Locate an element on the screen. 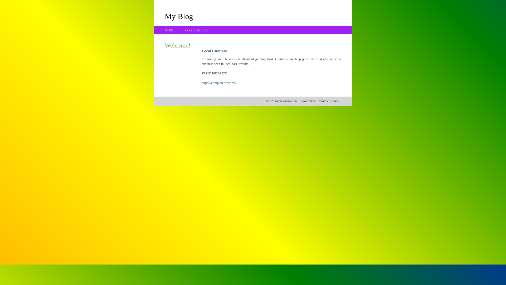 The height and width of the screenshot is (285, 506). 'HOME' is located at coordinates (164, 30).